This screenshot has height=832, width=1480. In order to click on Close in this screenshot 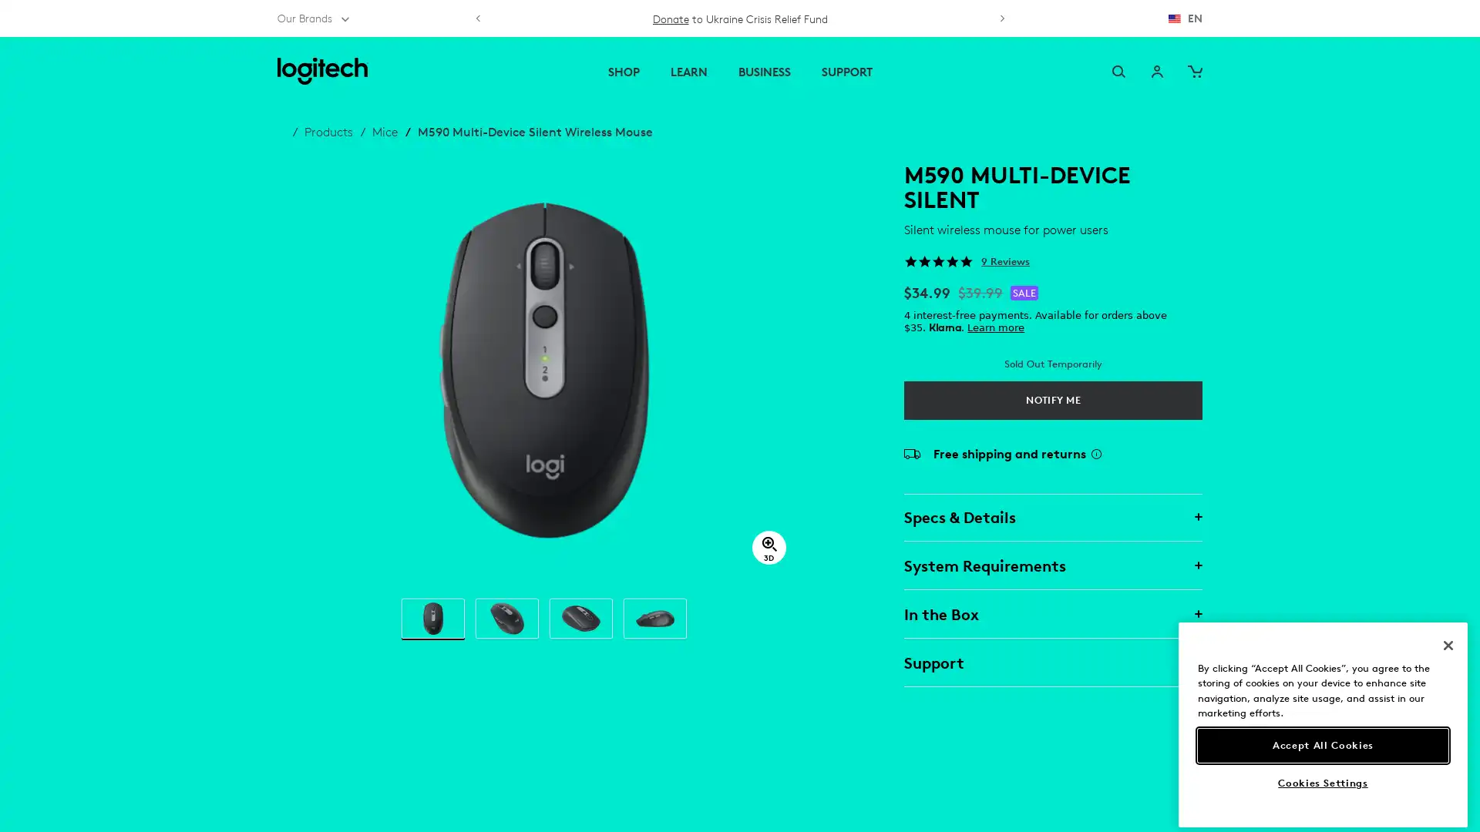, I will do `click(1447, 642)`.